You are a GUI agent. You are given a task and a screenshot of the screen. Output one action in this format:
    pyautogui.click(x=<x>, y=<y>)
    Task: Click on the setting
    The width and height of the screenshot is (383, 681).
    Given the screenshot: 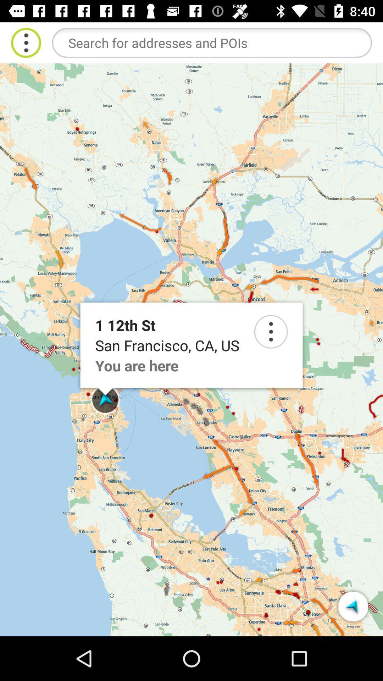 What is the action you would take?
    pyautogui.click(x=271, y=331)
    